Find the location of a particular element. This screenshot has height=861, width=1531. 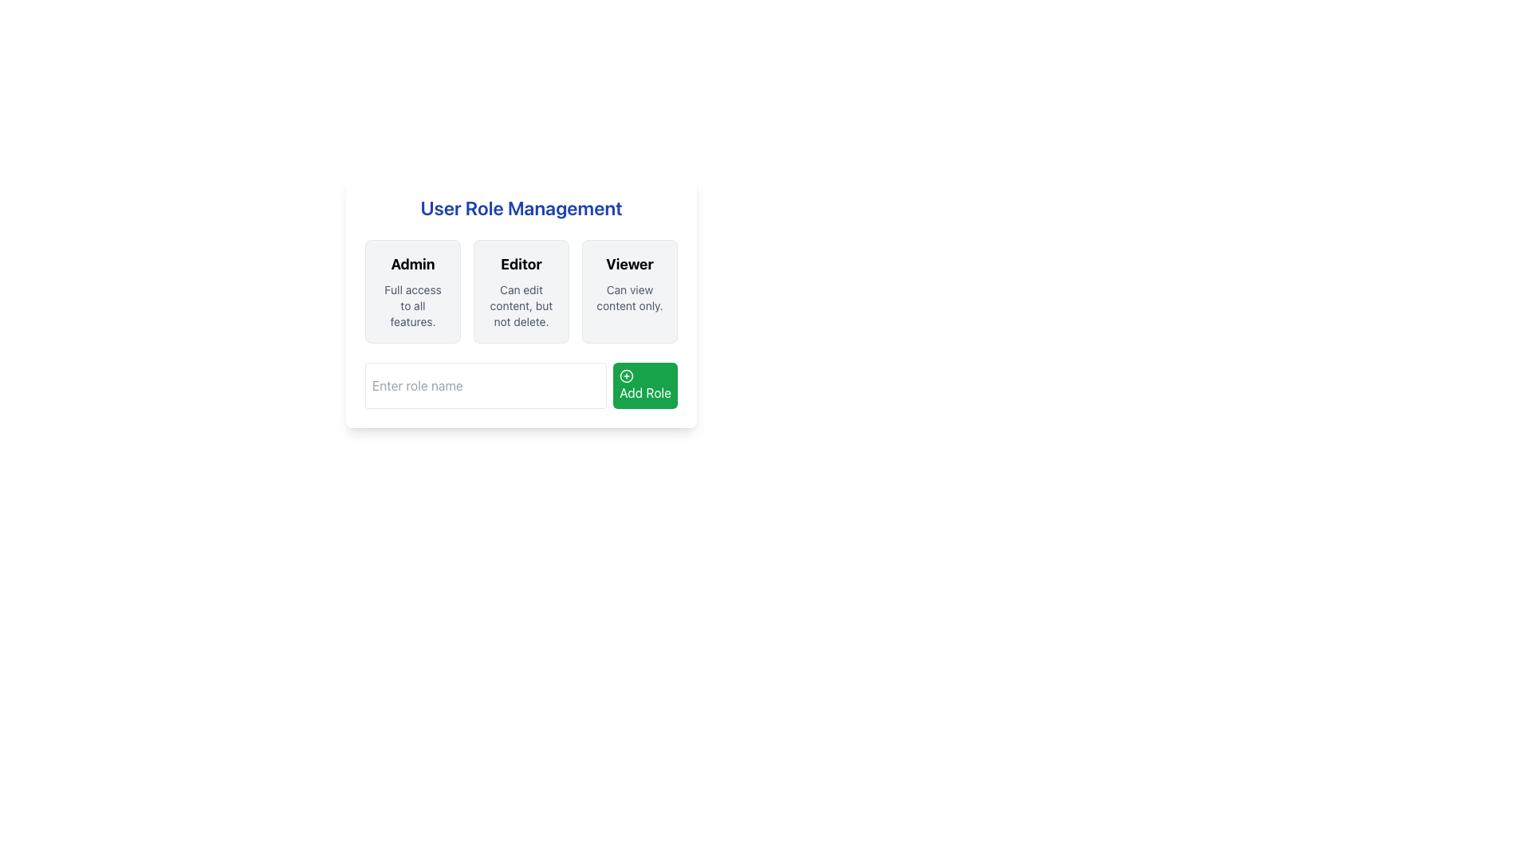

the 'Viewer' text label, which identifies the user role and is part of the rectangular box labeled 'Viewer - Can view content only.' is located at coordinates (629, 263).